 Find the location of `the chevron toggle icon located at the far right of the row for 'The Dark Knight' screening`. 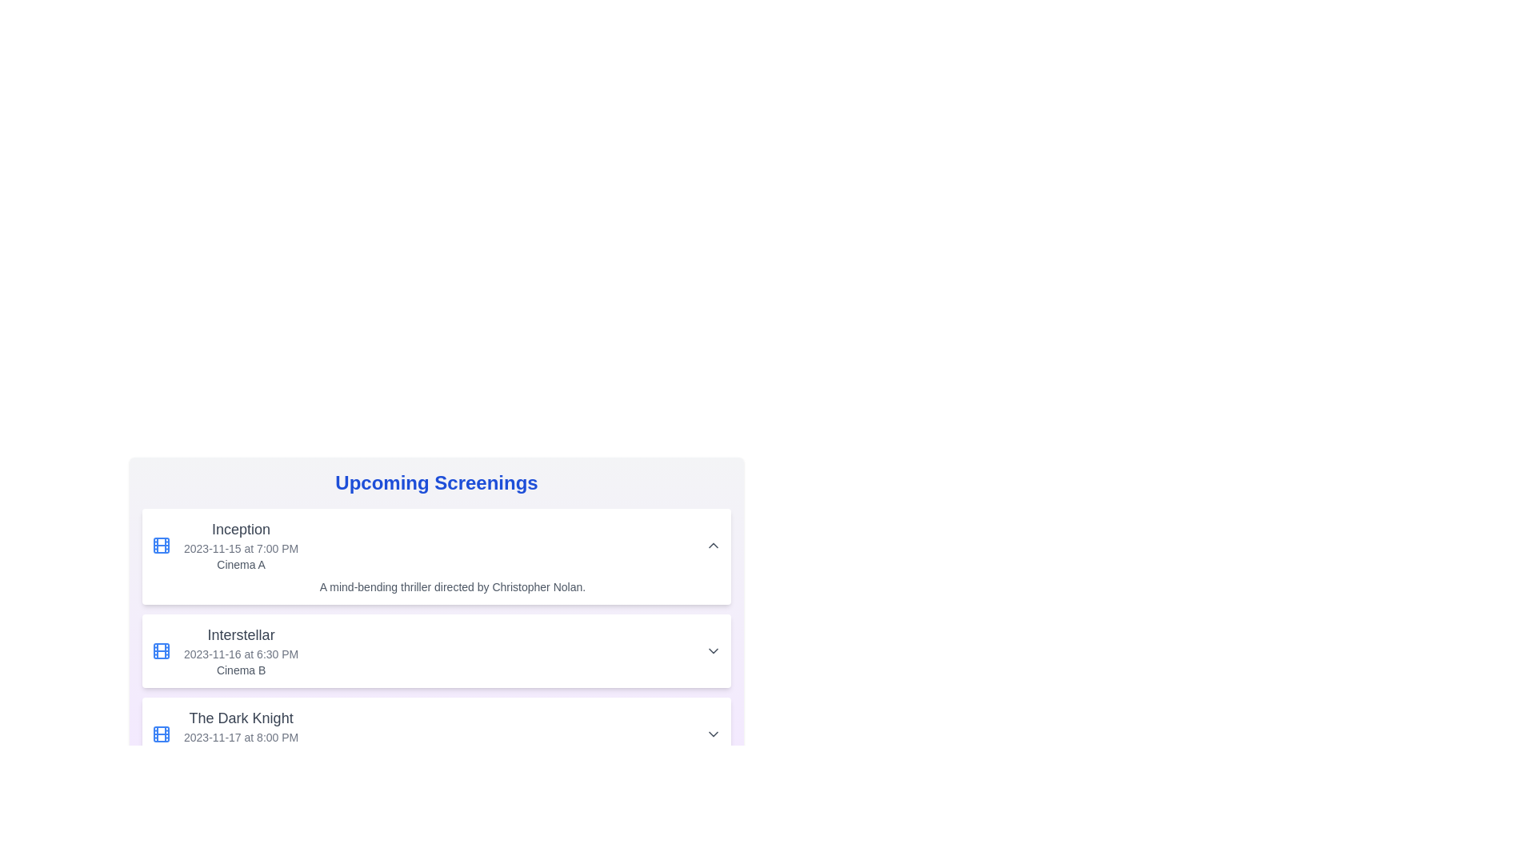

the chevron toggle icon located at the far right of the row for 'The Dark Knight' screening is located at coordinates (713, 734).